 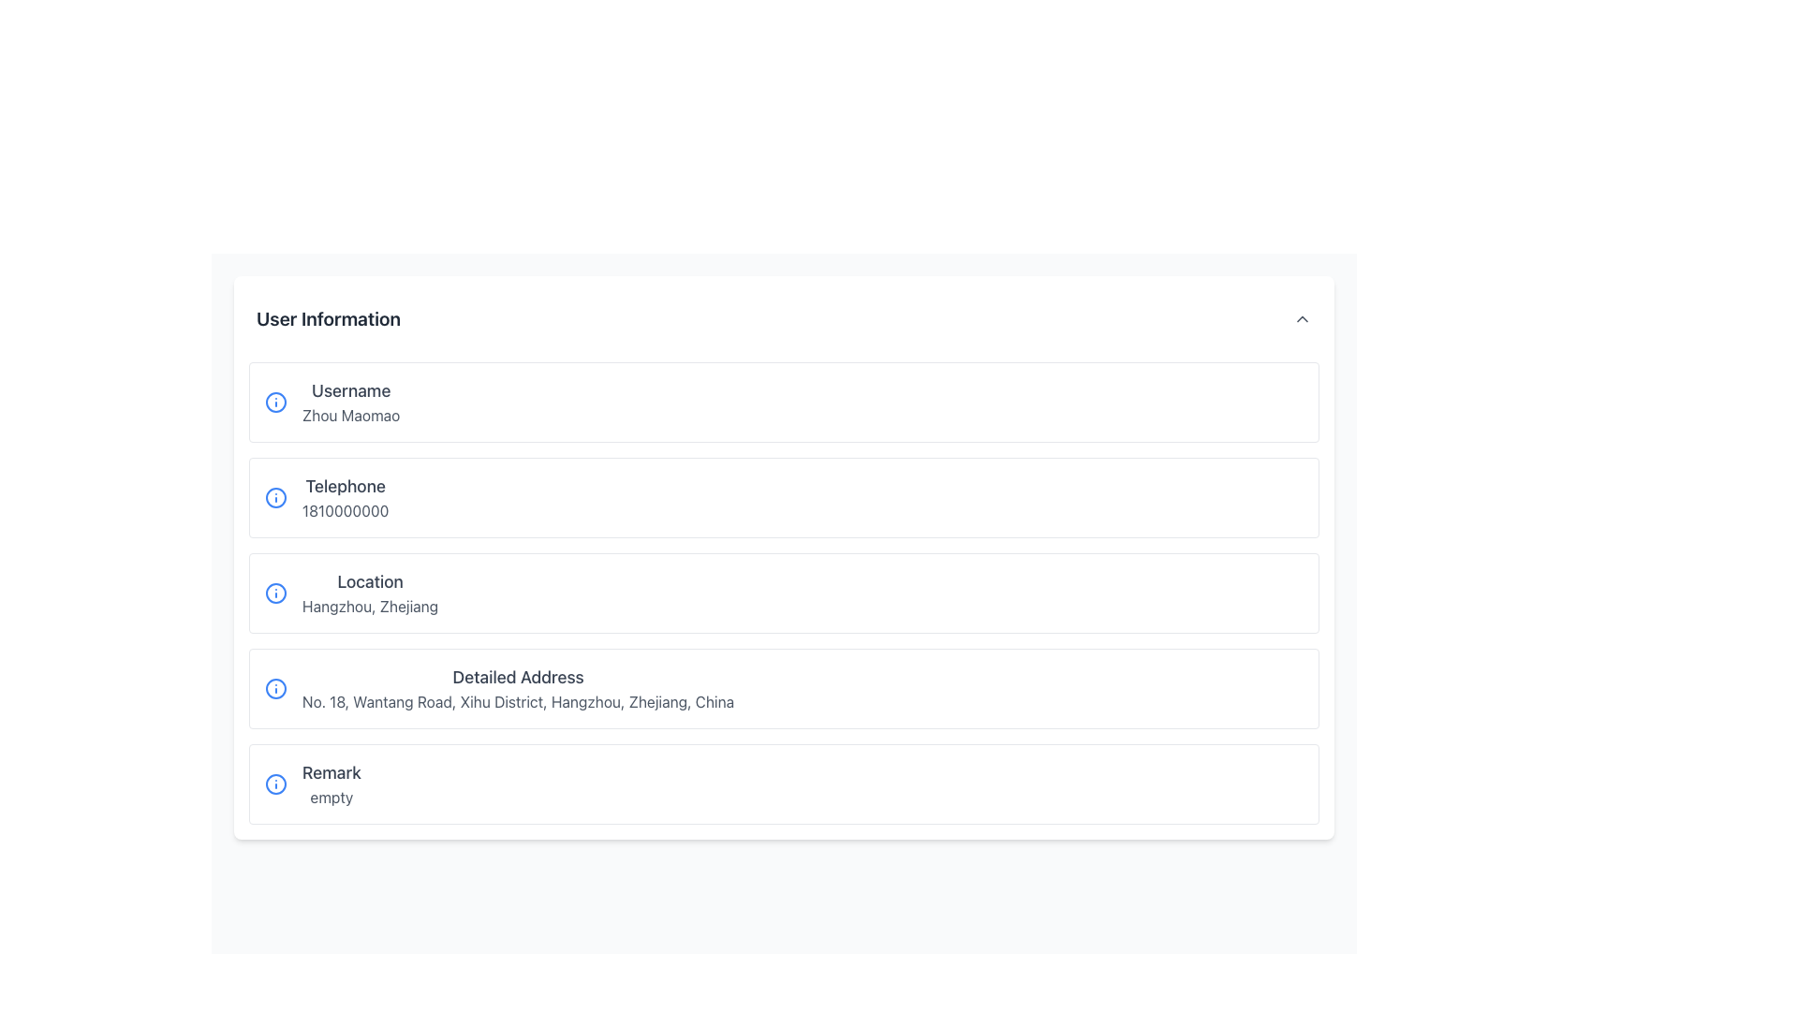 I want to click on the circular blue 'info' icon located in the 'Remark' section to the left of the text 'empty', so click(x=274, y=784).